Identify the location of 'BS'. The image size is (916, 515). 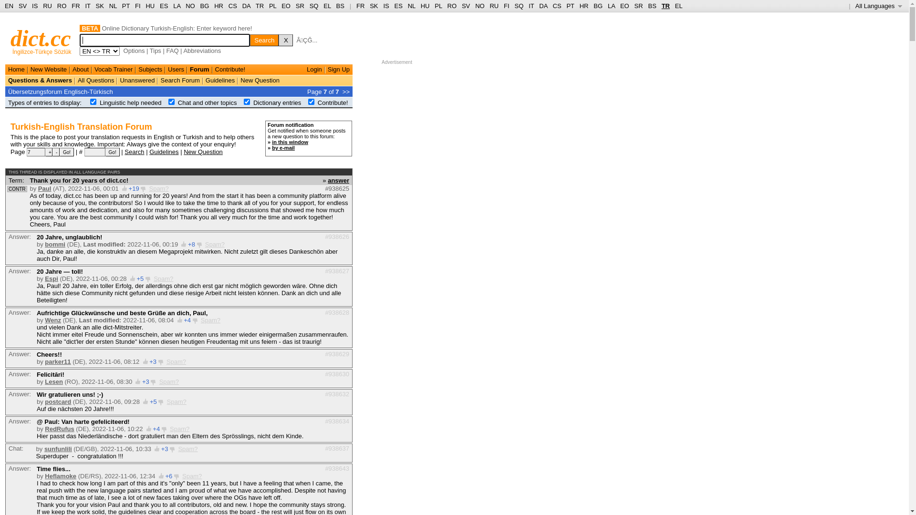
(336, 6).